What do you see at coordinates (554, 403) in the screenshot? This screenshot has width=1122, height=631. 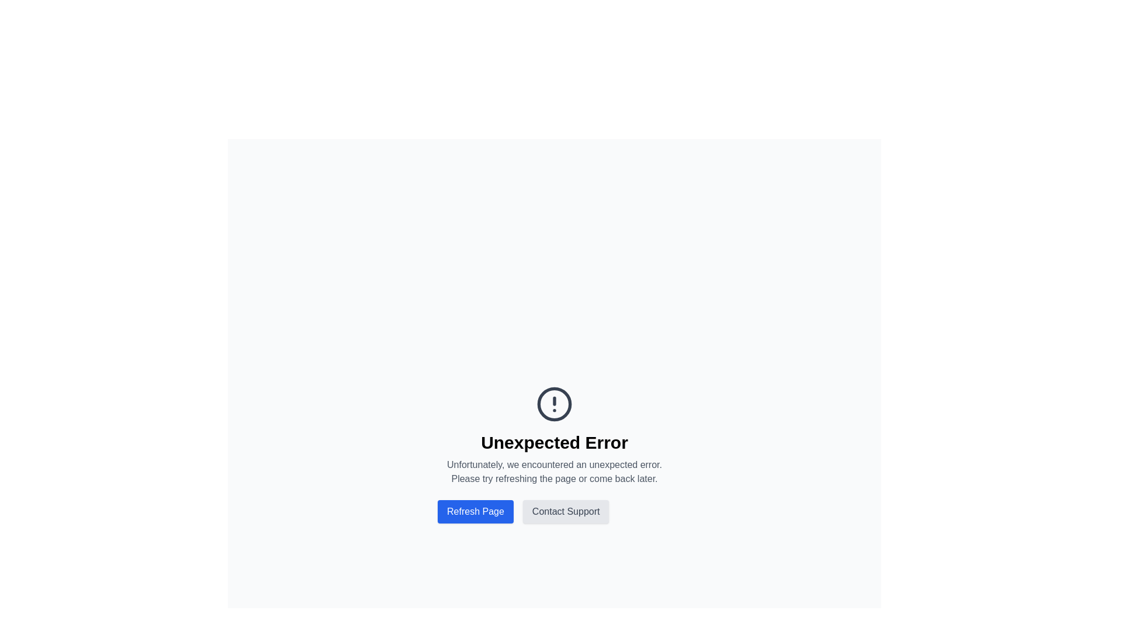 I see `the Decorative circle (SVG graphic element) with a gray border, which is prominently placed above the text 'Unexpected Error'` at bounding box center [554, 403].